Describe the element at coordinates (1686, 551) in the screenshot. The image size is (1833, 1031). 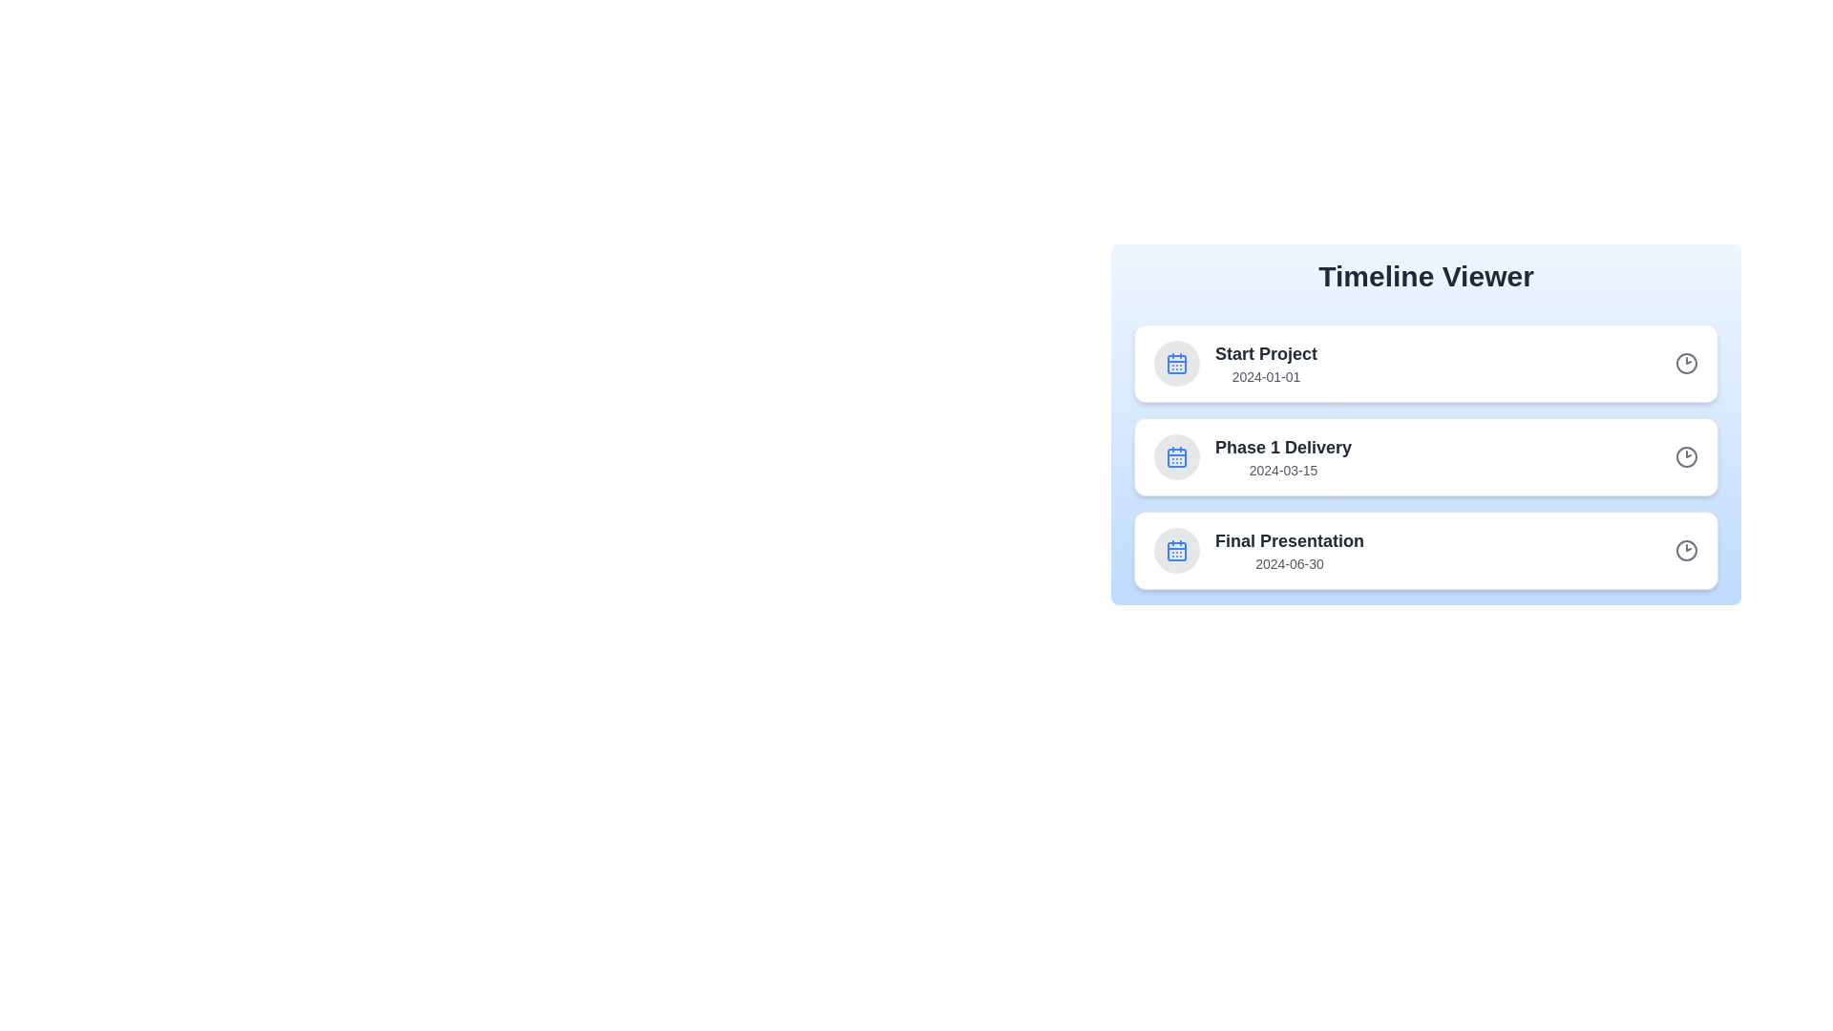
I see `the SVG circle element that is part of the clock-themed icon, located within the 'Final Presentation' entry, aligned to its right side near the center vertically` at that location.